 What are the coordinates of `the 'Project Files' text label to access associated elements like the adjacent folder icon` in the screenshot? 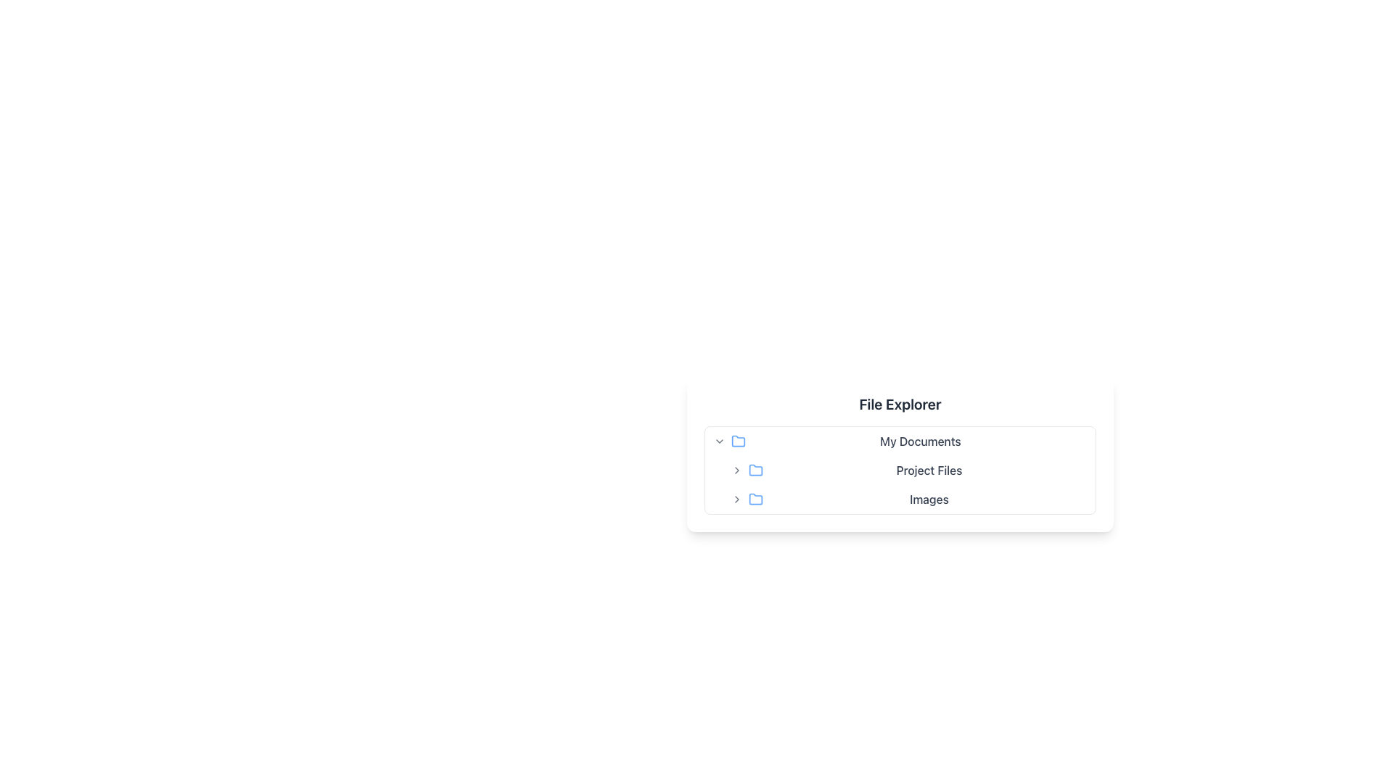 It's located at (929, 470).